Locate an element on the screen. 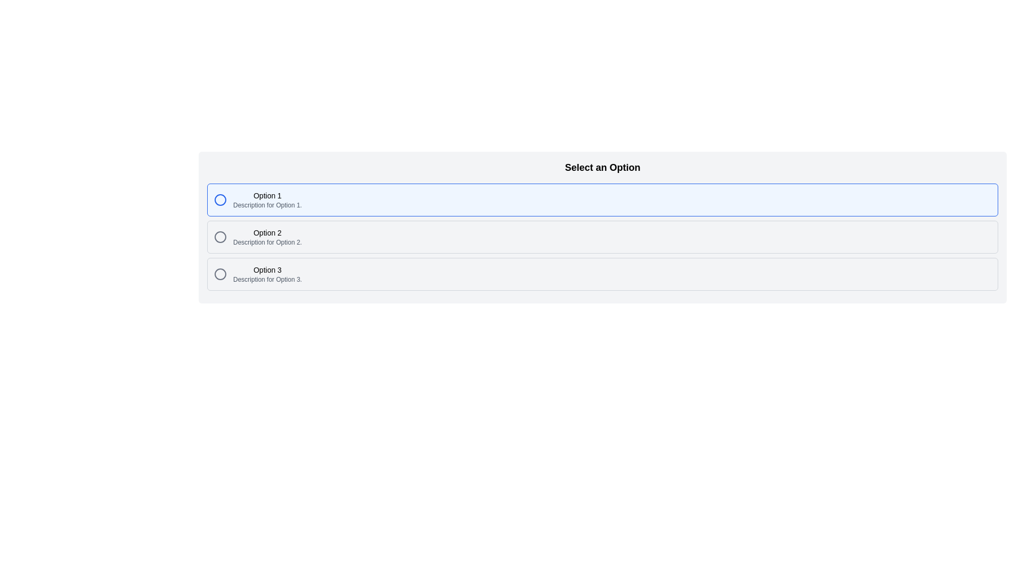  the text label reading 'Option 2', which is centrally positioned above the description 'Description for Option 2' is located at coordinates (267, 232).